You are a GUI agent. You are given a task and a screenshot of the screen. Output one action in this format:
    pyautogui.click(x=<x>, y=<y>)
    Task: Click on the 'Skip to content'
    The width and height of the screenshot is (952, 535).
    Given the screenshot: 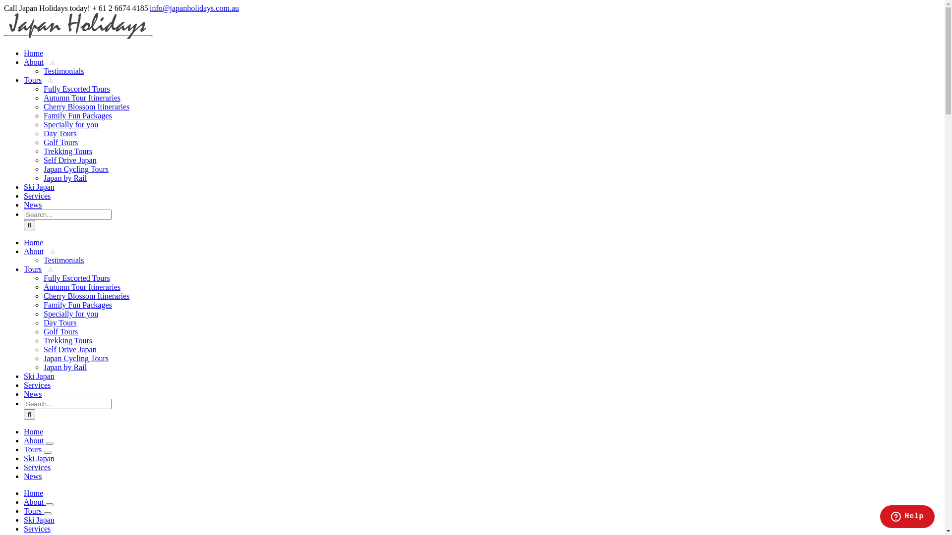 What is the action you would take?
    pyautogui.click(x=3, y=3)
    